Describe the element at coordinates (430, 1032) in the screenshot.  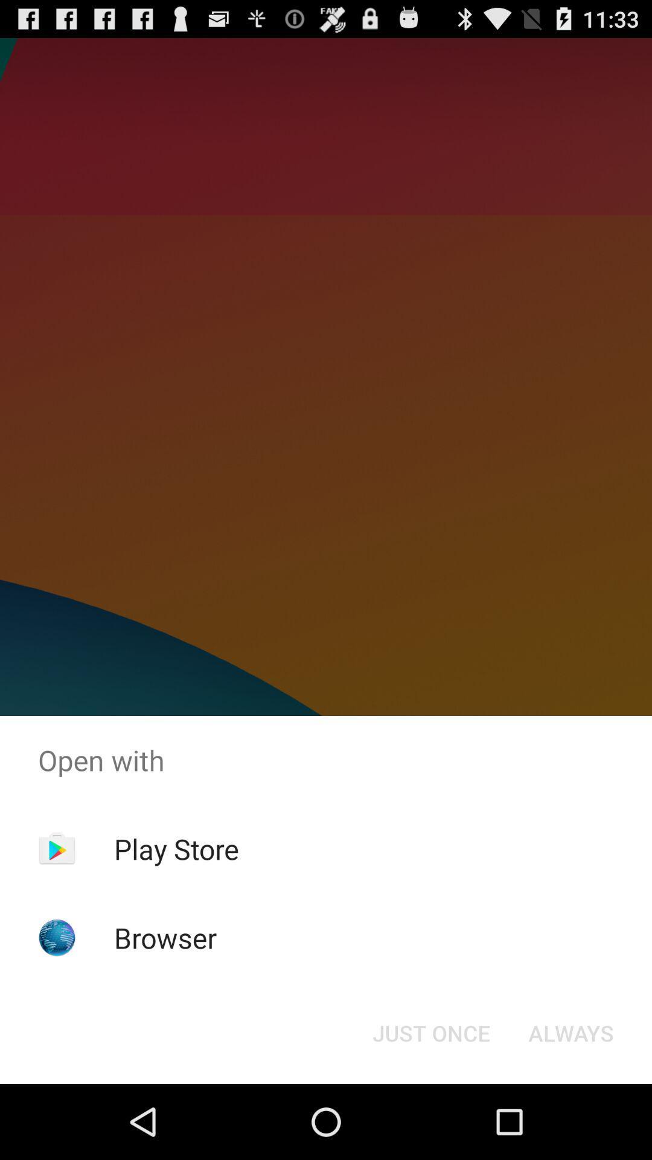
I see `the item to the left of always item` at that location.